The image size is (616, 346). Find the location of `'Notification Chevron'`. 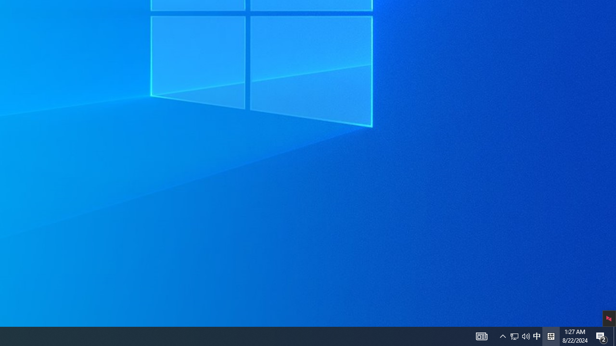

'Notification Chevron' is located at coordinates (481, 335).